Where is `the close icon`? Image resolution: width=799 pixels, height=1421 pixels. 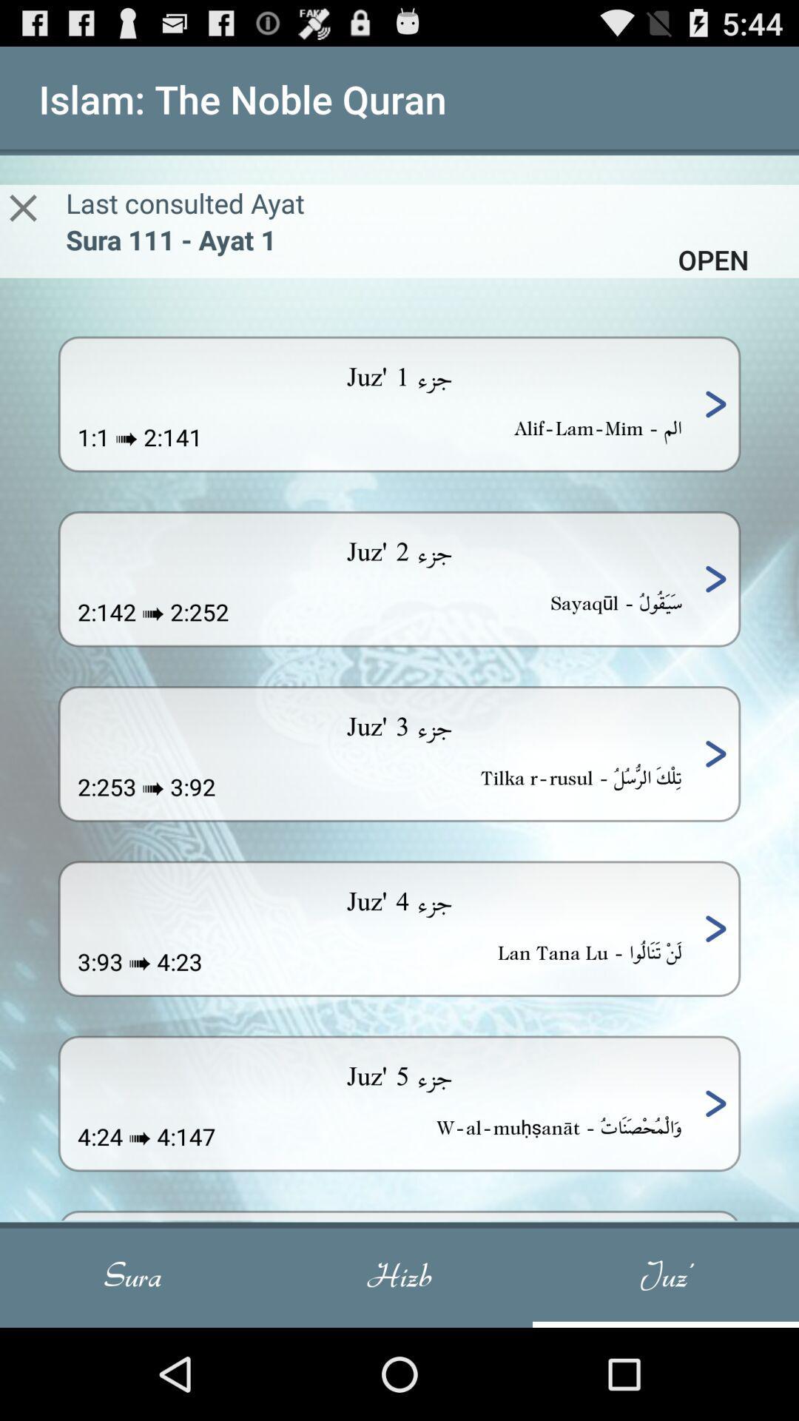
the close icon is located at coordinates (23, 222).